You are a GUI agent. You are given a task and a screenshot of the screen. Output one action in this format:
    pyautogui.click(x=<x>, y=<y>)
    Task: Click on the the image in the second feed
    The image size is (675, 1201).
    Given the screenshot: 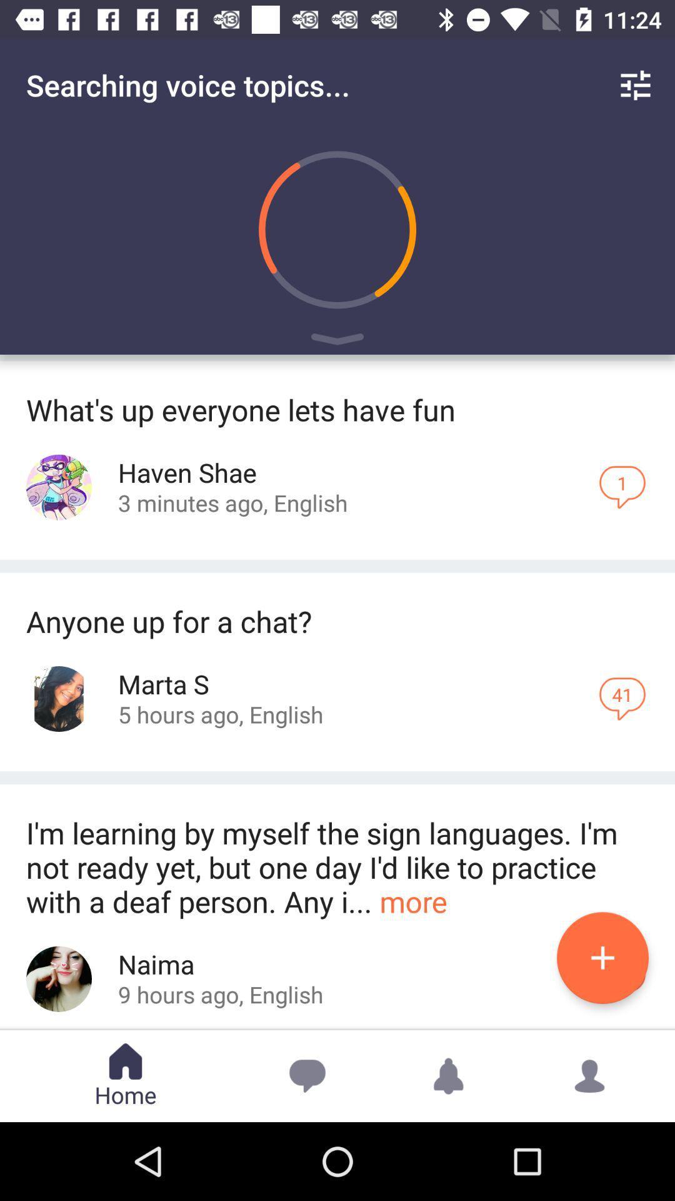 What is the action you would take?
    pyautogui.click(x=59, y=698)
    